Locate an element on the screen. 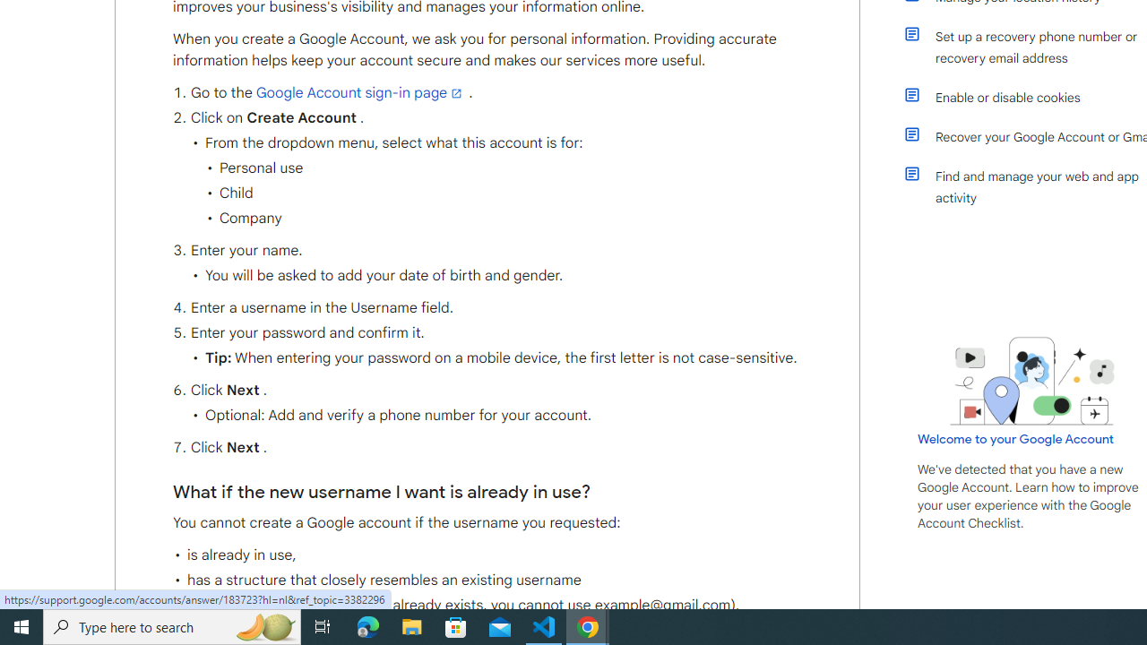  'Google Account sign-in page' is located at coordinates (359, 93).